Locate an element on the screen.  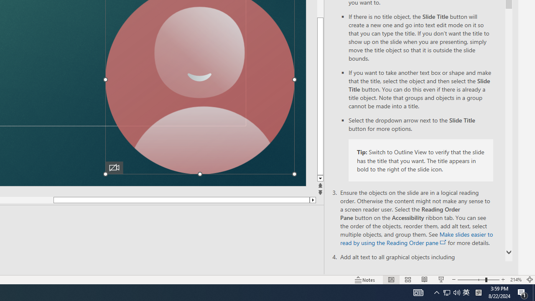
'Reading View' is located at coordinates (424, 280).